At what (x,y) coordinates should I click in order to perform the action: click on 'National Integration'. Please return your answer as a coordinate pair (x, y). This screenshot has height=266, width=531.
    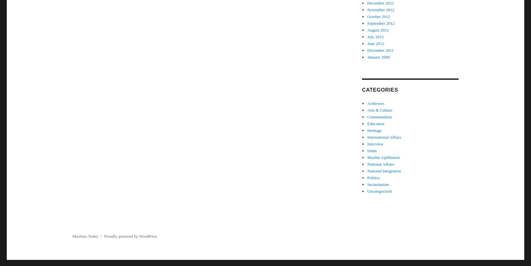
    Looking at the image, I should click on (384, 171).